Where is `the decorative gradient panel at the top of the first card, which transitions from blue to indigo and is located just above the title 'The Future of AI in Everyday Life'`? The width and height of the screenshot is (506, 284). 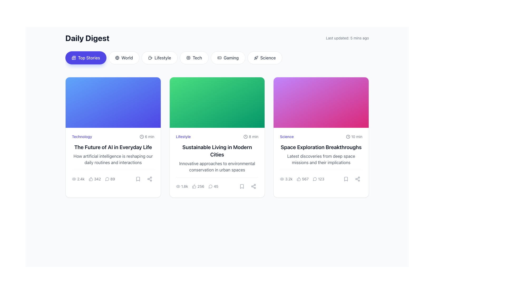 the decorative gradient panel at the top of the first card, which transitions from blue to indigo and is located just above the title 'The Future of AI in Everyday Life' is located at coordinates (113, 102).